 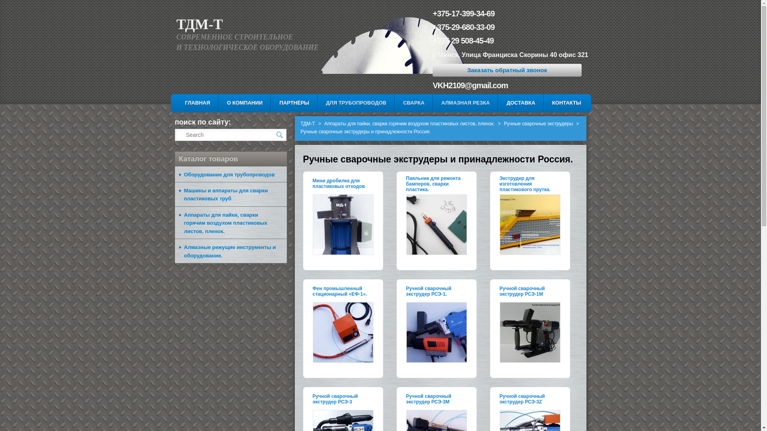 What do you see at coordinates (228, 101) in the screenshot?
I see `'SKIP TO SECONDARY CONTENT'` at bounding box center [228, 101].